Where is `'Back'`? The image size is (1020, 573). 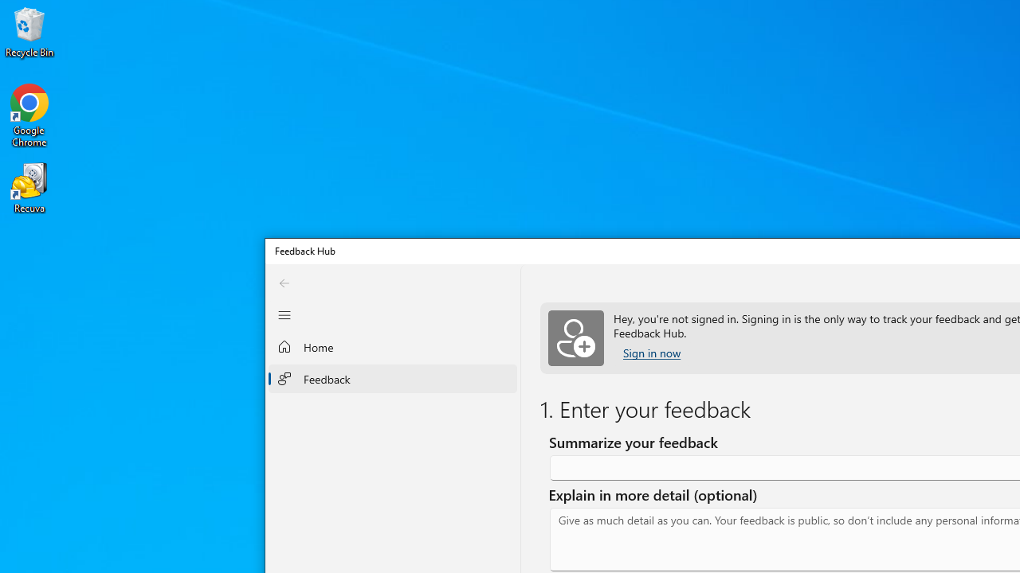
'Back' is located at coordinates (284, 282).